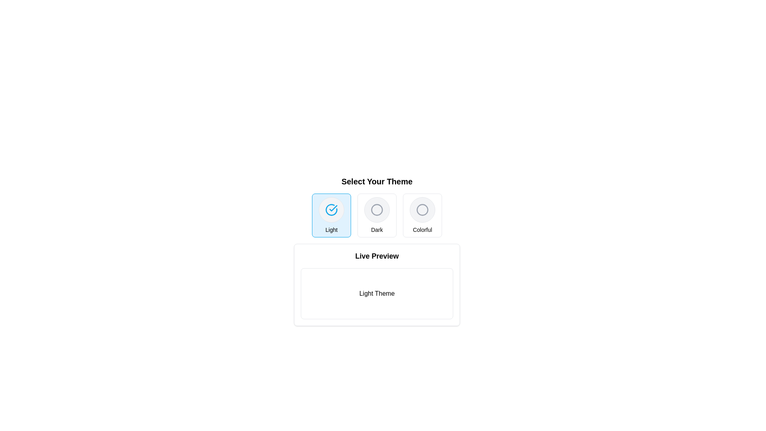  What do you see at coordinates (331, 209) in the screenshot?
I see `the 'light' theme icon located at the far-left position of the triplet selection interface` at bounding box center [331, 209].